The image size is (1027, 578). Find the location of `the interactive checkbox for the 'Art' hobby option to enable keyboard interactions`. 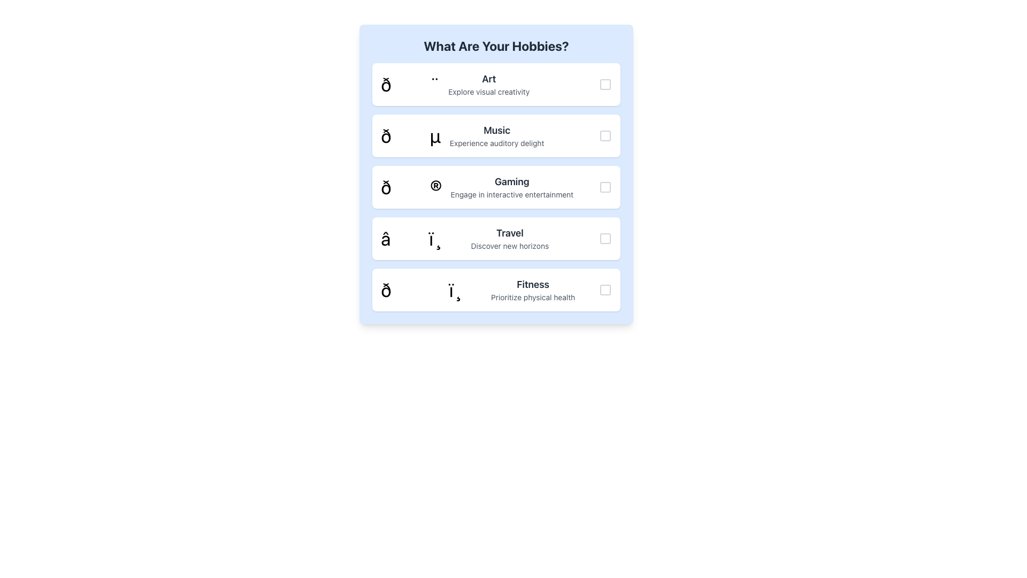

the interactive checkbox for the 'Art' hobby option to enable keyboard interactions is located at coordinates (606, 84).